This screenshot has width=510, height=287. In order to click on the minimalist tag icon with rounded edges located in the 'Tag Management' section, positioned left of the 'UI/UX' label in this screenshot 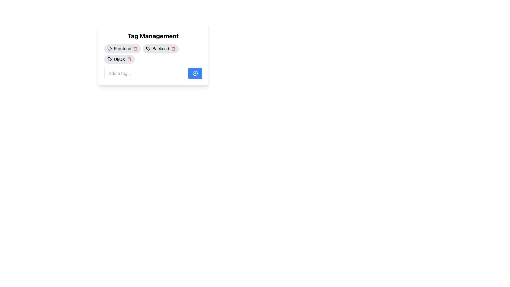, I will do `click(109, 59)`.